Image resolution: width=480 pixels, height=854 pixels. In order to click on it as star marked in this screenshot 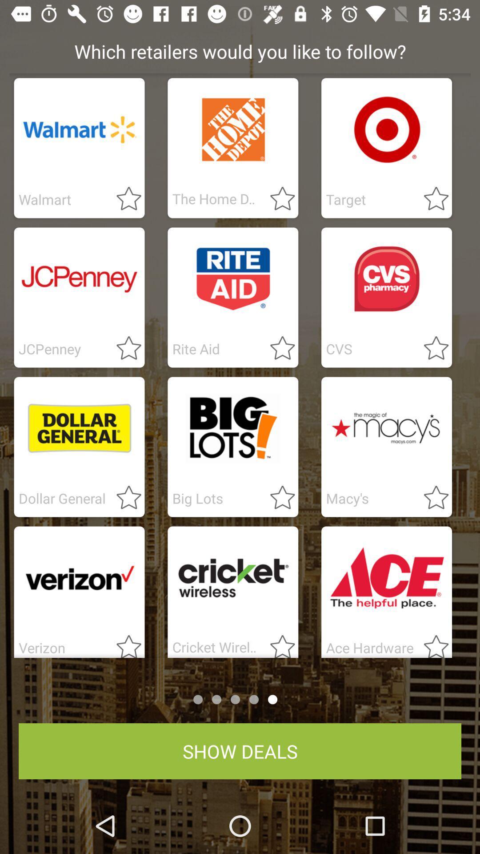, I will do `click(124, 348)`.